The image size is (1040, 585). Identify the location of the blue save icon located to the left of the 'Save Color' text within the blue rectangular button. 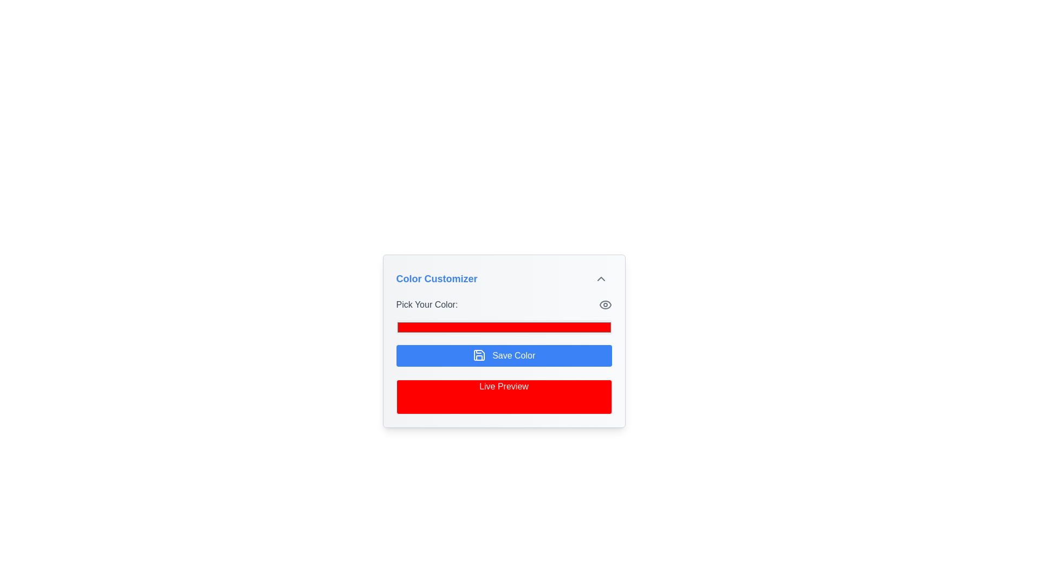
(478, 355).